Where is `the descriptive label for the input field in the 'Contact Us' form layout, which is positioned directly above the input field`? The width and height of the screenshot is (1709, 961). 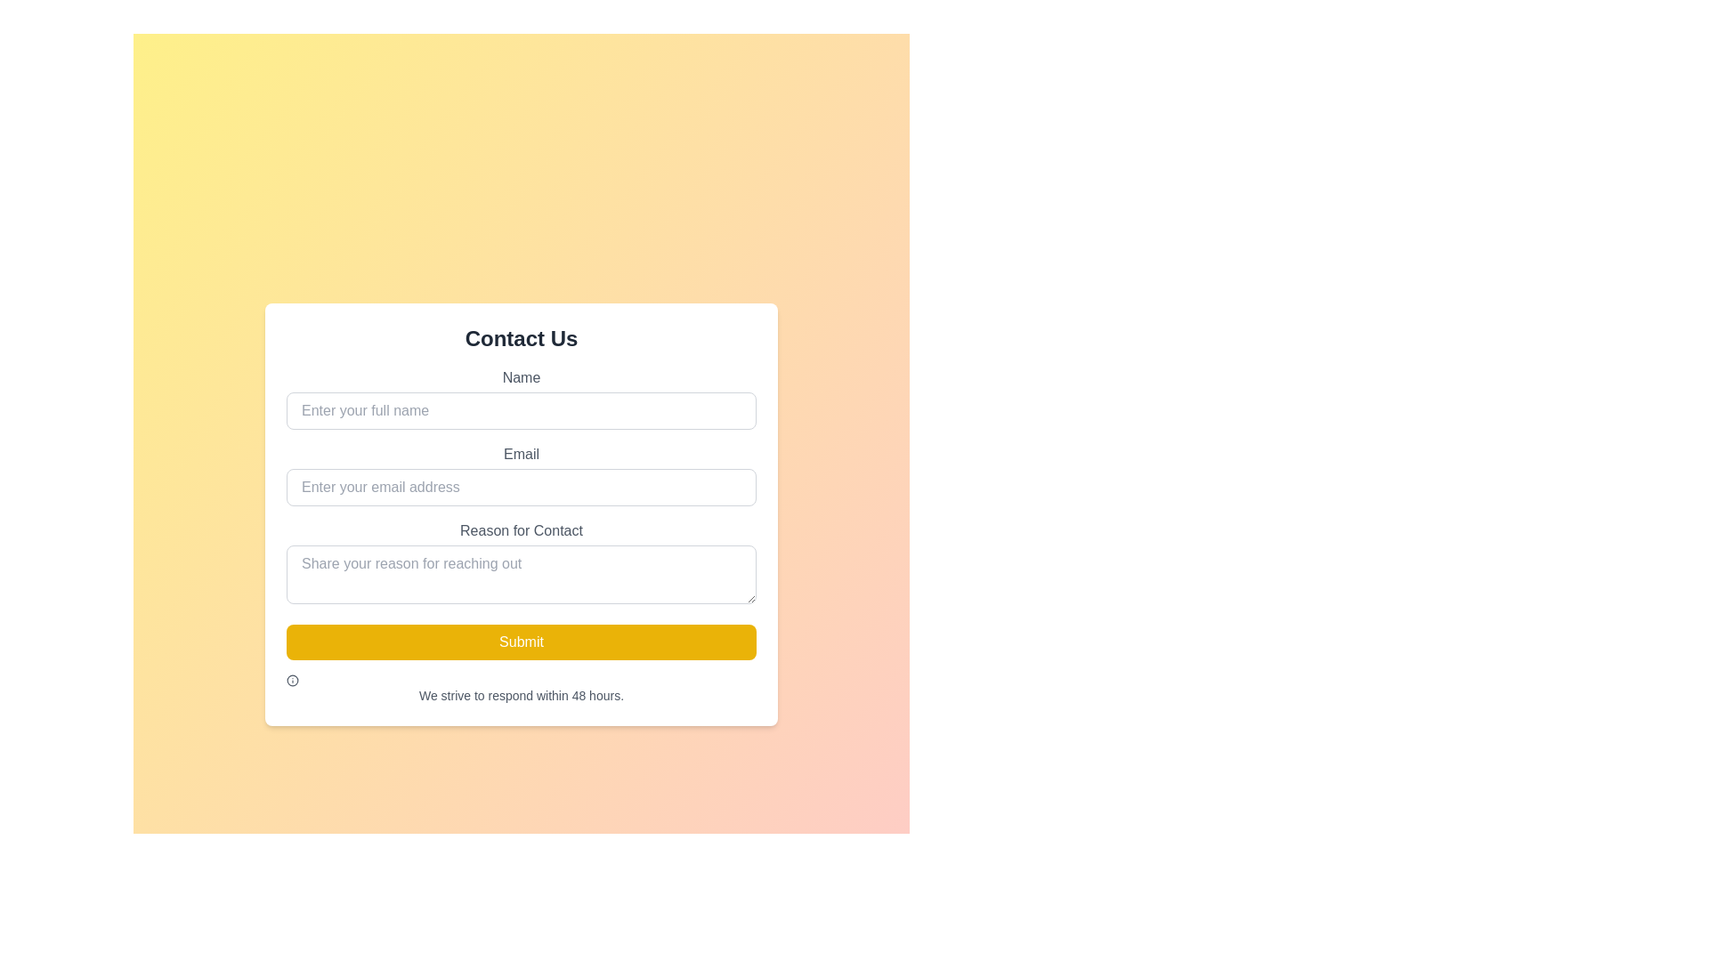 the descriptive label for the input field in the 'Contact Us' form layout, which is positioned directly above the input field is located at coordinates (520, 376).